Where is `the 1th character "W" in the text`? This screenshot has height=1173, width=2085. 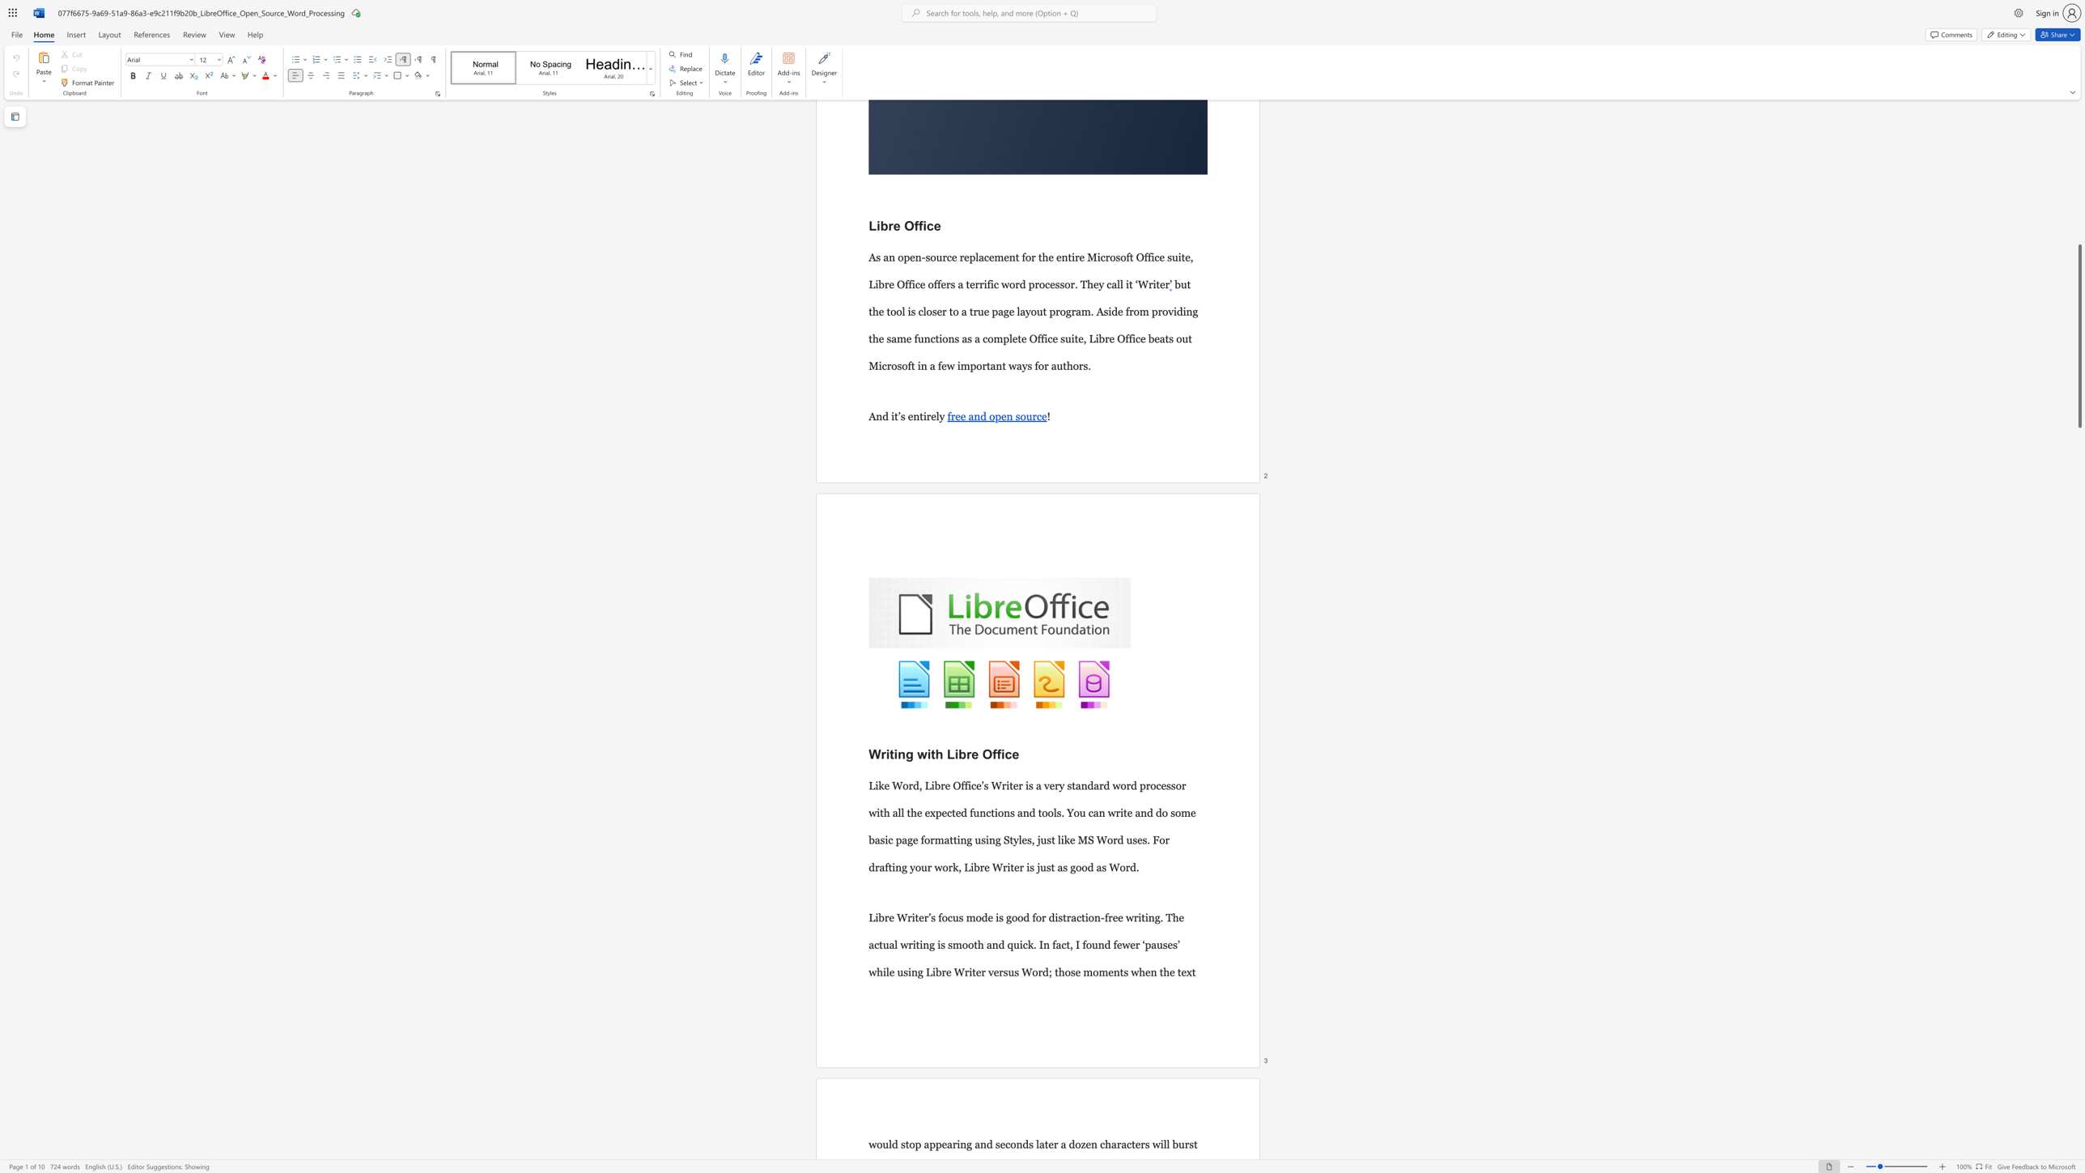
the 1th character "W" in the text is located at coordinates (874, 644).